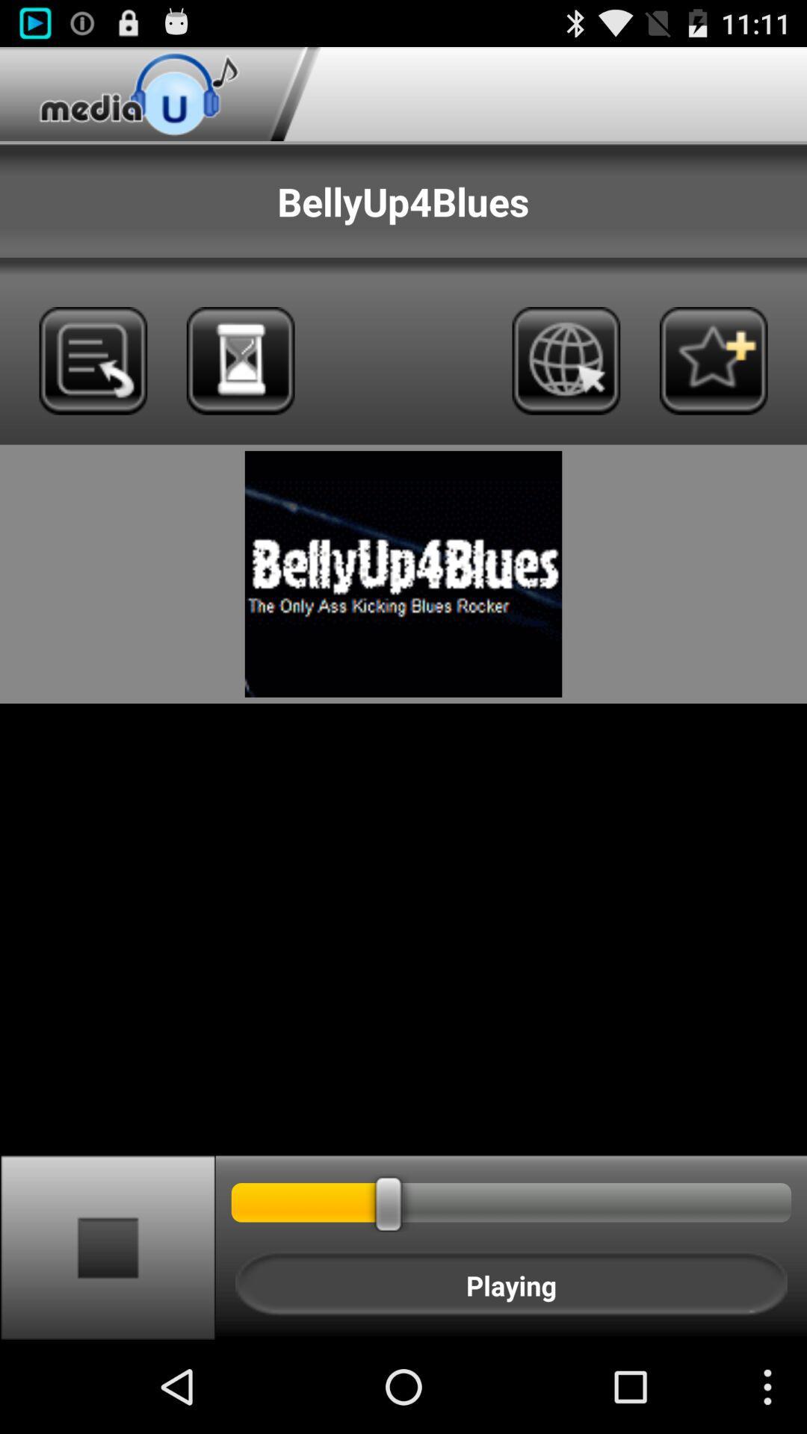 Image resolution: width=807 pixels, height=1434 pixels. I want to click on open media, so click(566, 361).